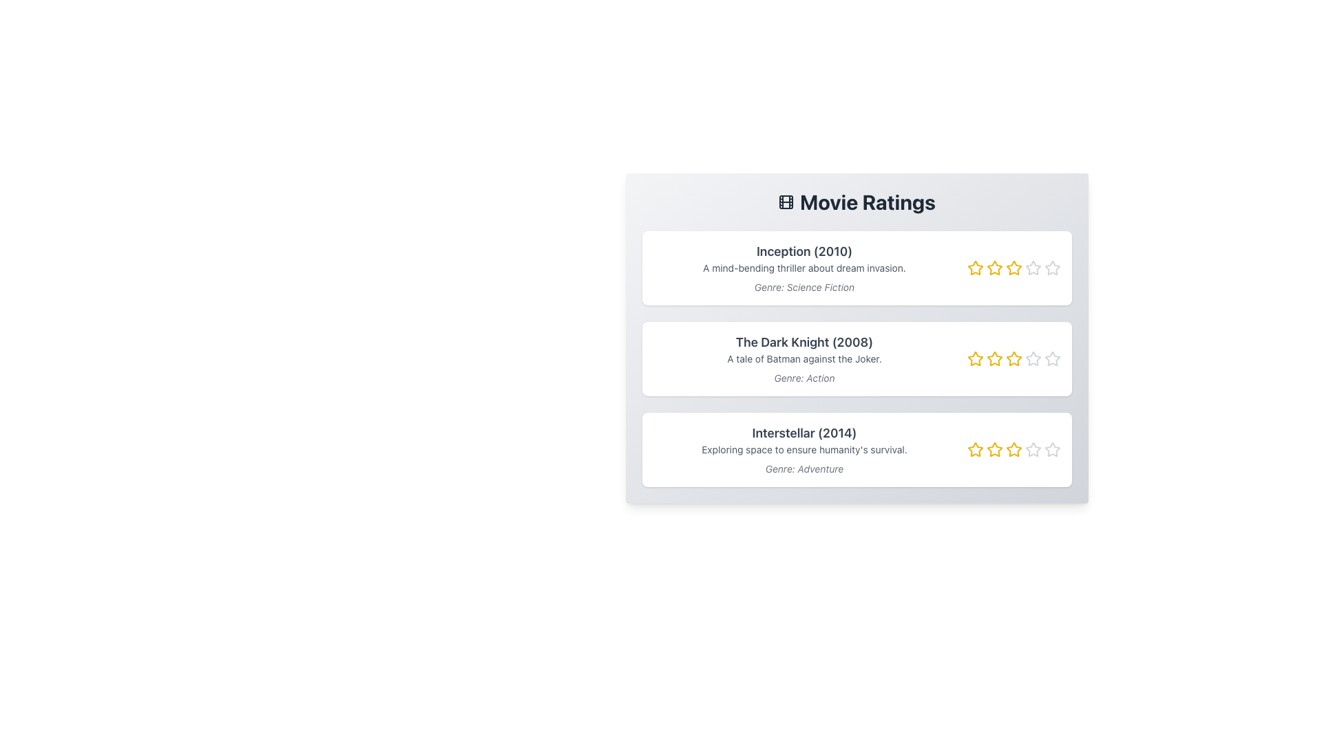 The height and width of the screenshot is (743, 1322). What do you see at coordinates (1051, 358) in the screenshot?
I see `the fifth star icon in the movie rating system for 'The Dark Knight (2008)'` at bounding box center [1051, 358].